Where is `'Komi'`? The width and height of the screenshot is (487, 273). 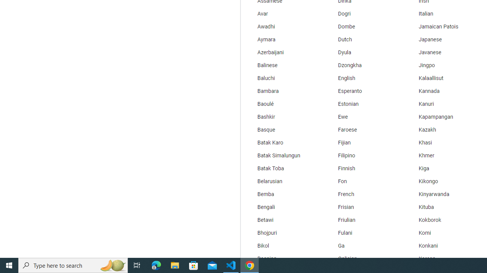
'Komi' is located at coordinates (445, 232).